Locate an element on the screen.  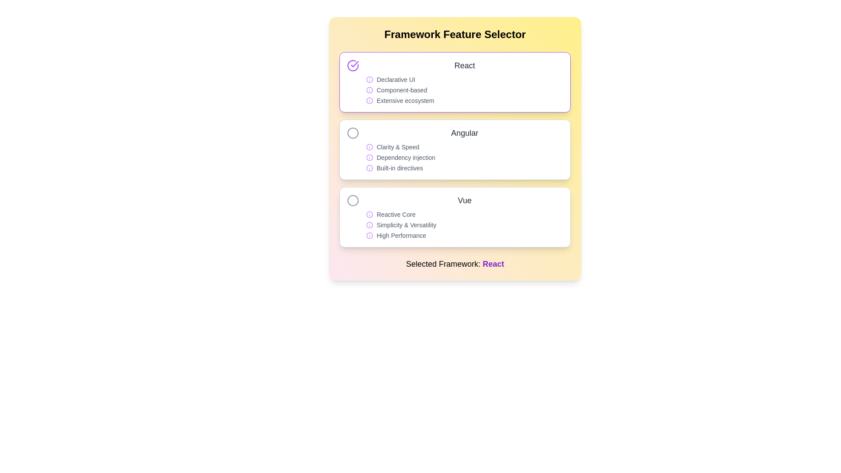
the 'Angular' radio button to potentially trigger hover effects is located at coordinates (353, 133).